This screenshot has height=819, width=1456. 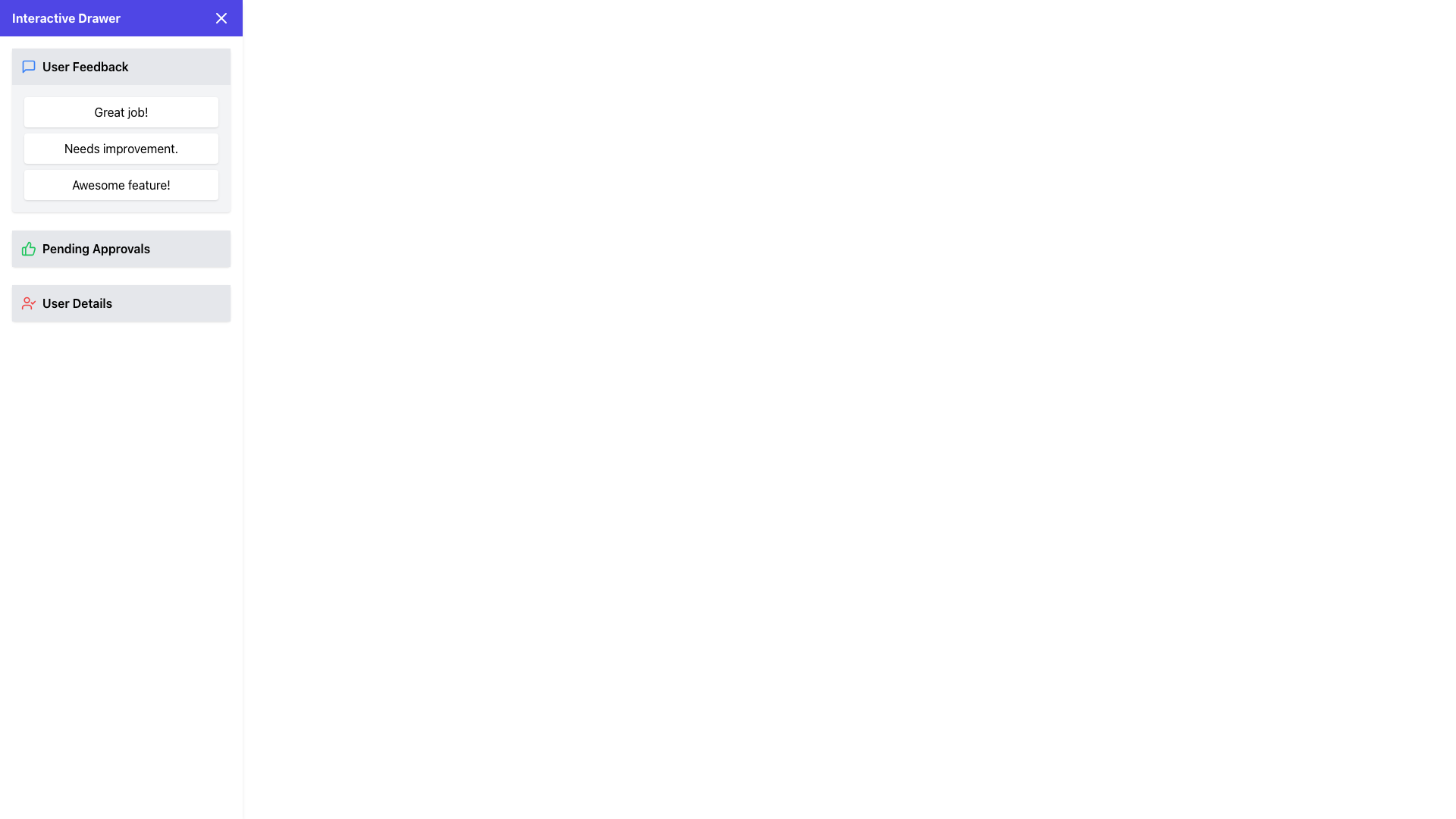 I want to click on the user figure icon with a checkmark next to the 'User Details' label, which is styled in red and located in the bottom-left section of the visible panel, so click(x=29, y=303).